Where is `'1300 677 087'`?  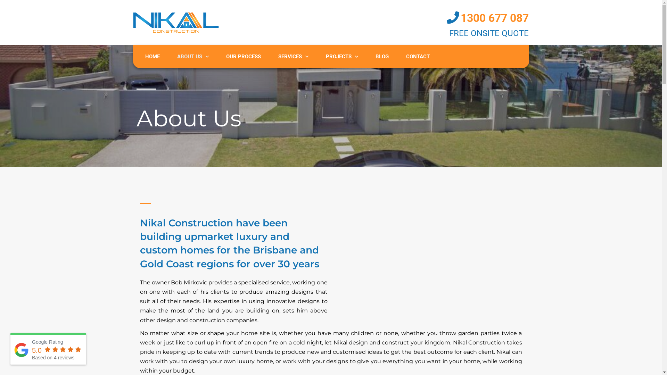
'1300 677 087' is located at coordinates (494, 17).